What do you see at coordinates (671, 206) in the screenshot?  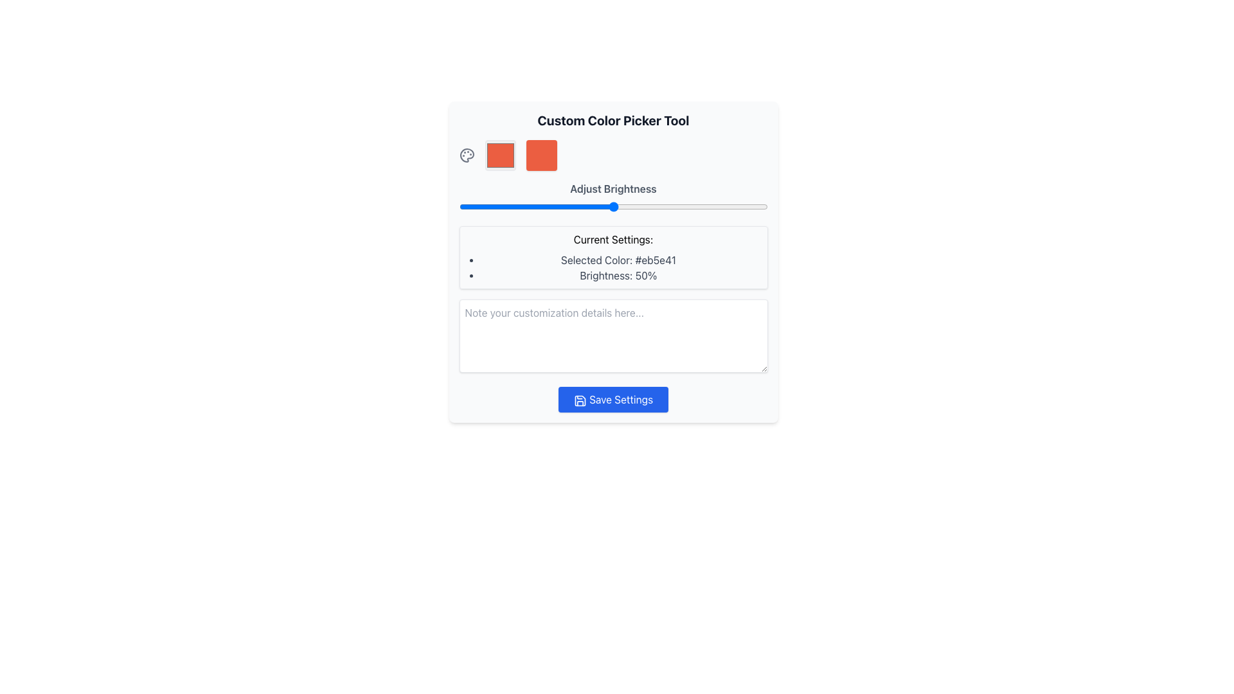 I see `brightness` at bounding box center [671, 206].